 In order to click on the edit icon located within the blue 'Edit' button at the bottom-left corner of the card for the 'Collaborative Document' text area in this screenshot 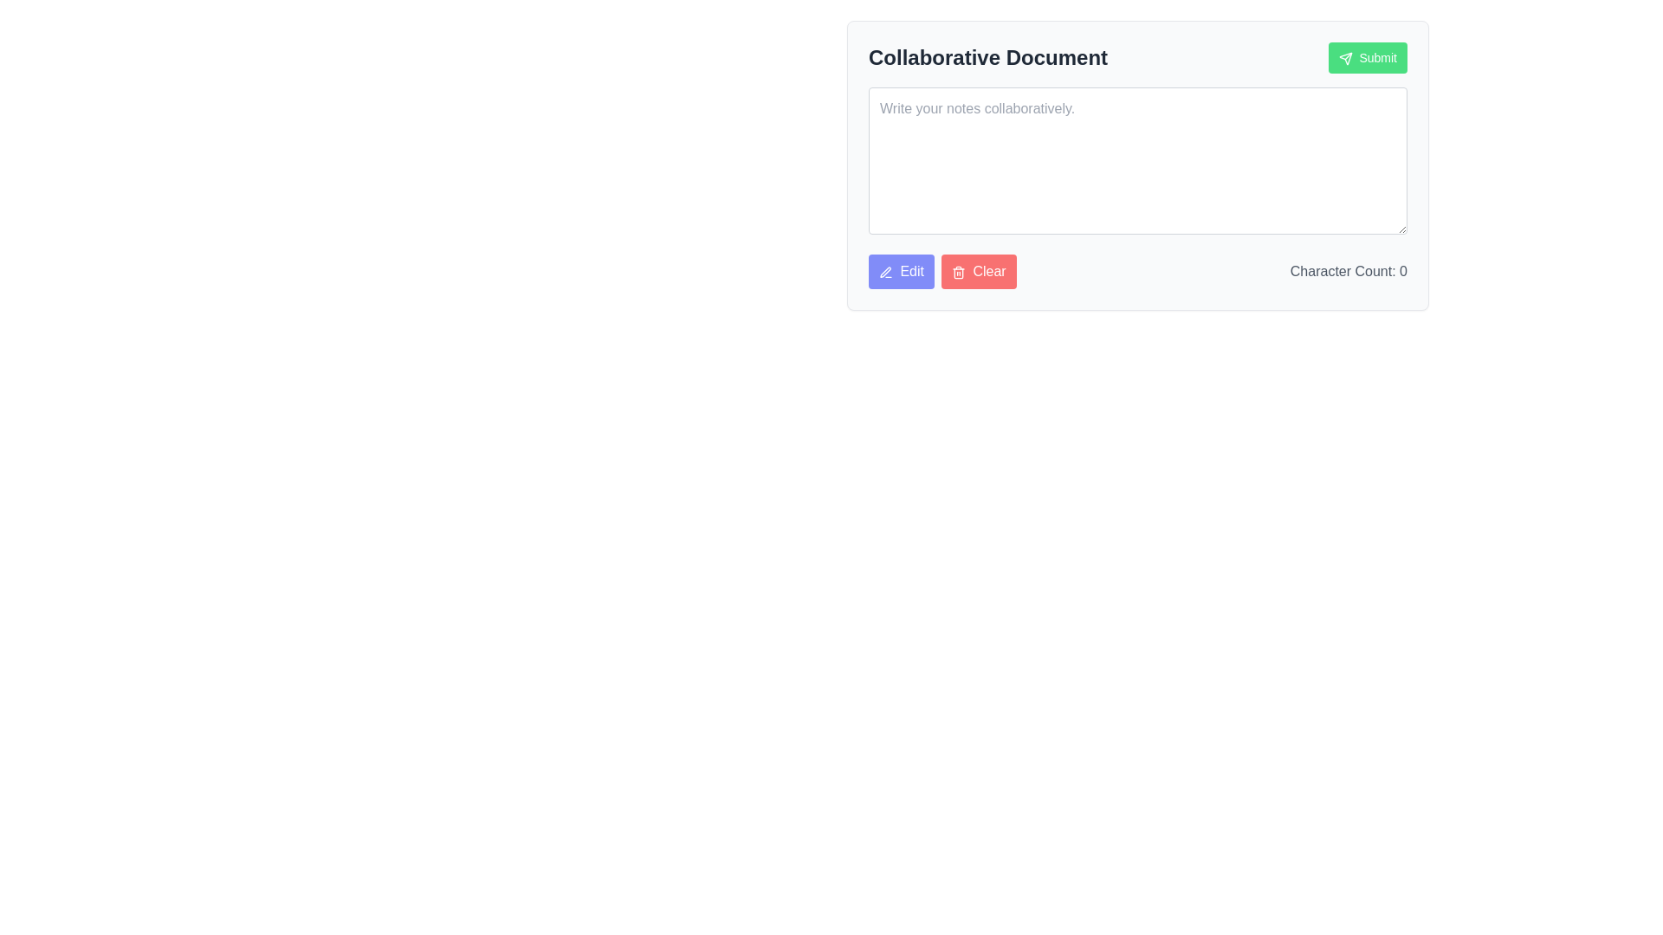, I will do `click(885, 271)`.